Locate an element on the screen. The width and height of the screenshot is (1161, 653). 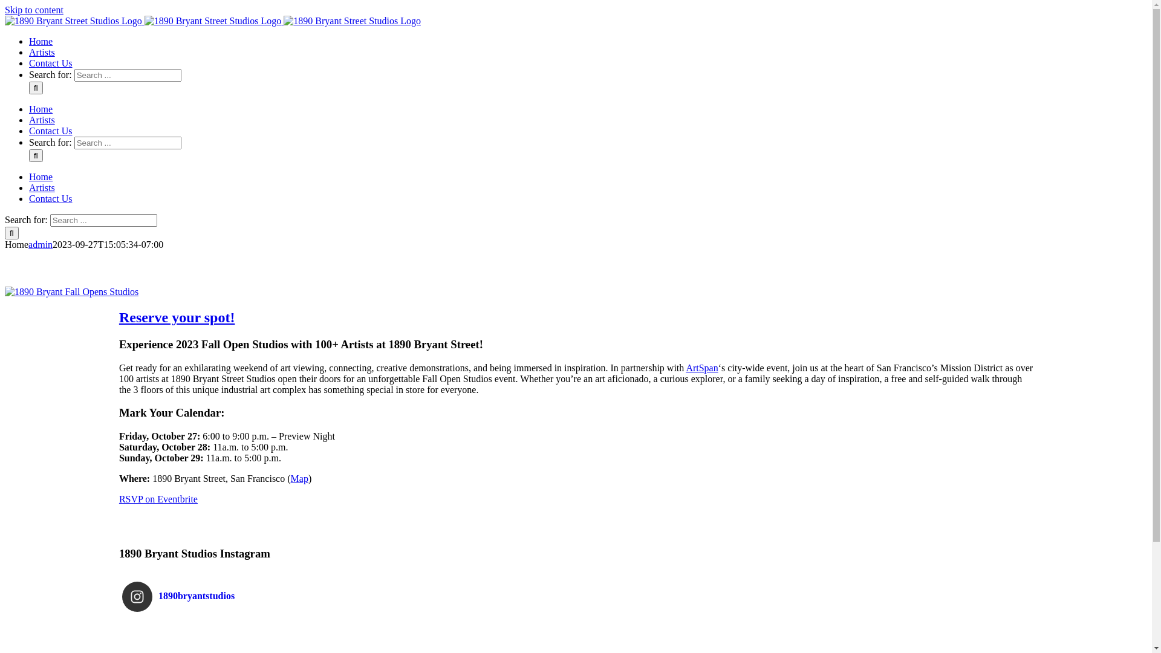
'1890bryantstudios' is located at coordinates (578, 596).